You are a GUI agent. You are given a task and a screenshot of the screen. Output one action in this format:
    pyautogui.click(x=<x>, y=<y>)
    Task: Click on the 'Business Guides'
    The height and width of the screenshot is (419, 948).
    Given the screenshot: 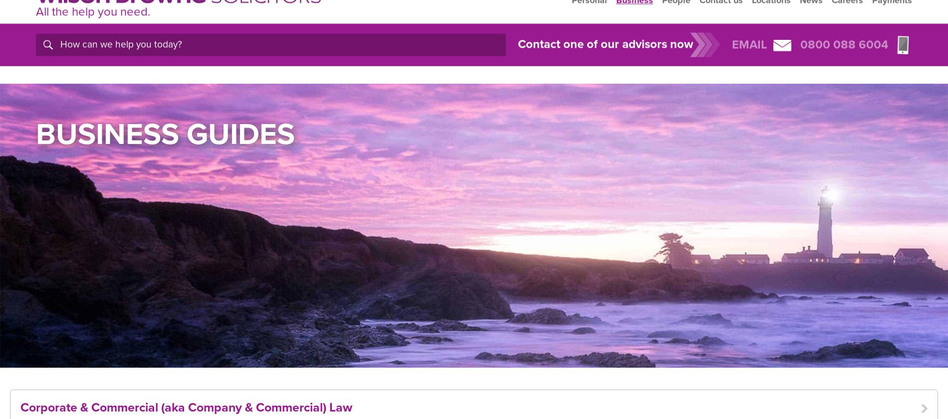 What is the action you would take?
    pyautogui.click(x=165, y=134)
    